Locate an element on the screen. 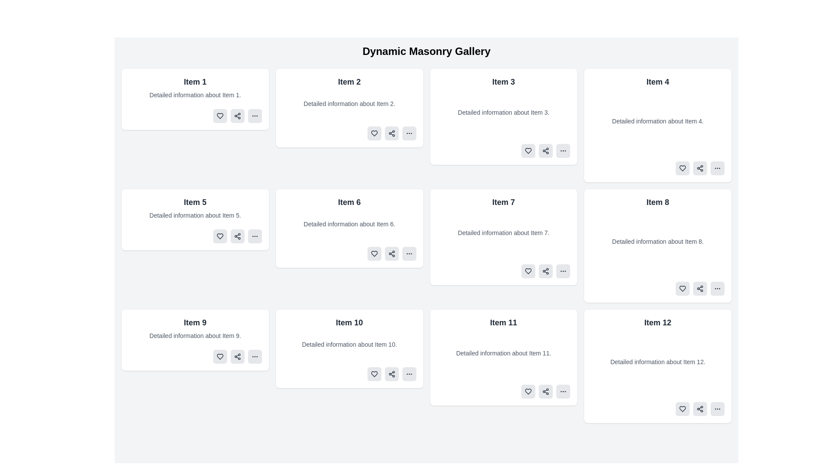 This screenshot has width=837, height=471. the favorite button located in the lower-right area of the card labeled 'Item 6' is located at coordinates (374, 254).